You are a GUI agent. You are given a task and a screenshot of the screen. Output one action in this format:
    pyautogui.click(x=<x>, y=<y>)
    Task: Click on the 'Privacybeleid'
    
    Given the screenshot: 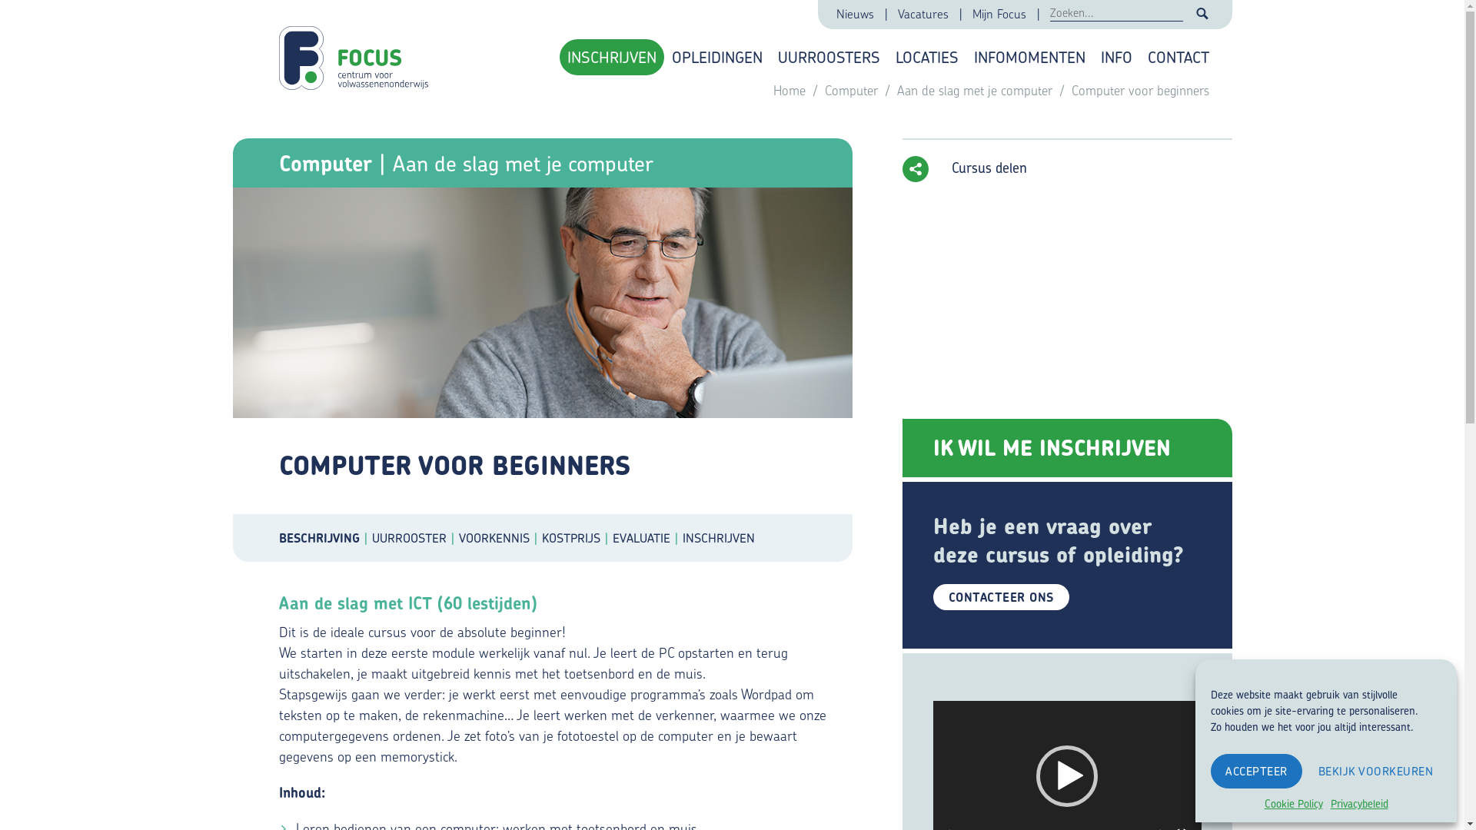 What is the action you would take?
    pyautogui.click(x=1358, y=802)
    